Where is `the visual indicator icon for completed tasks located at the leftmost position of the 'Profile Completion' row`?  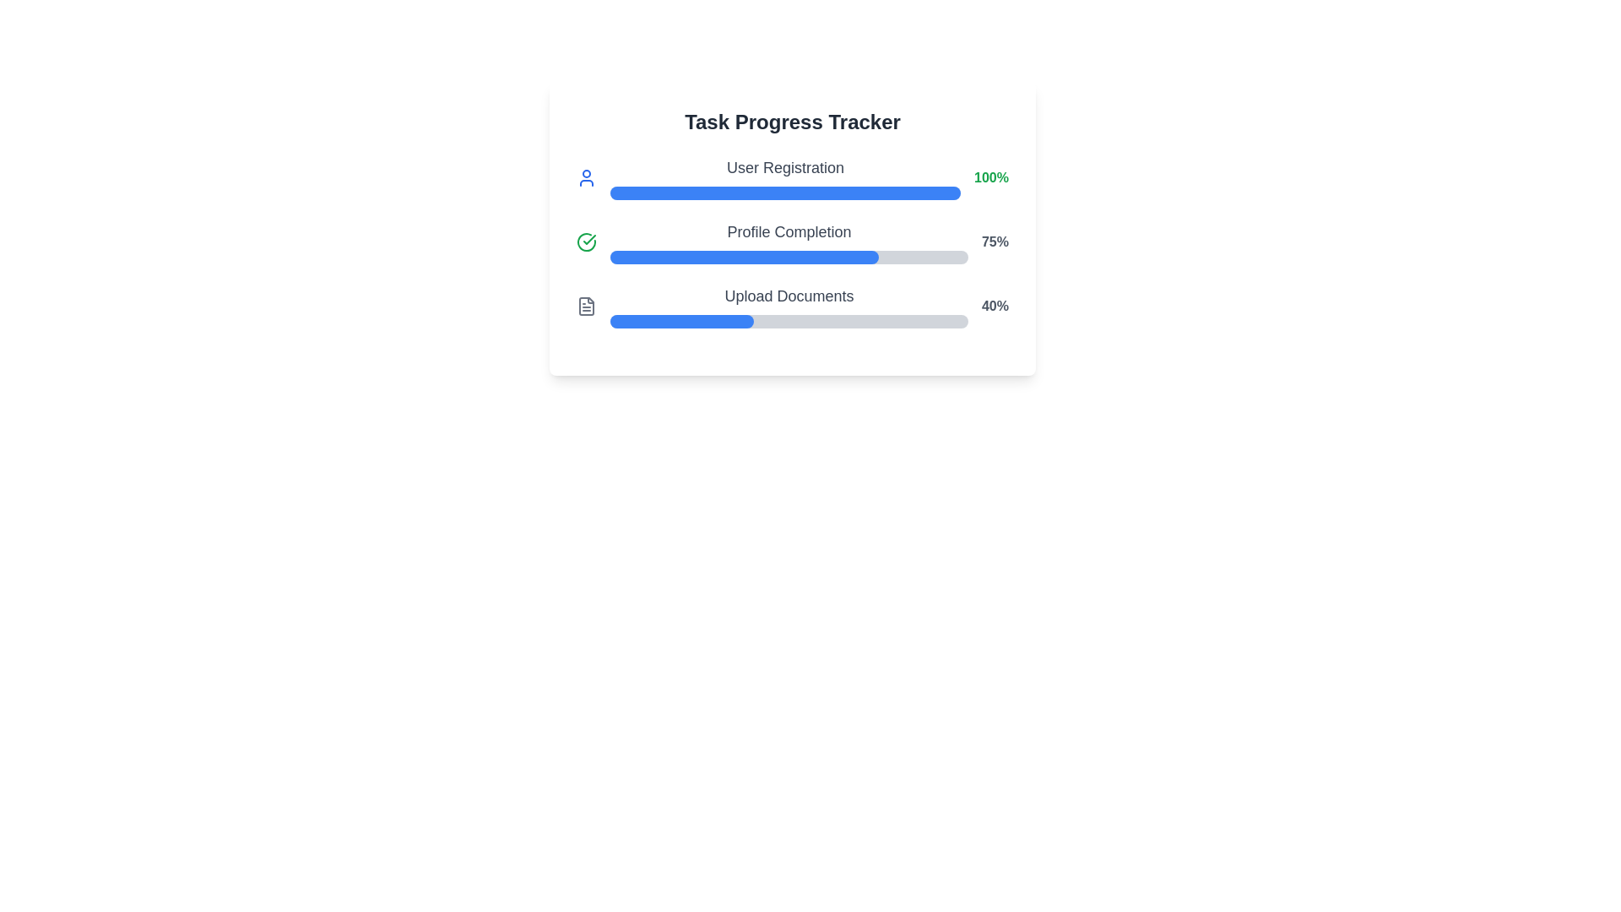
the visual indicator icon for completed tasks located at the leftmost position of the 'Profile Completion' row is located at coordinates (587, 242).